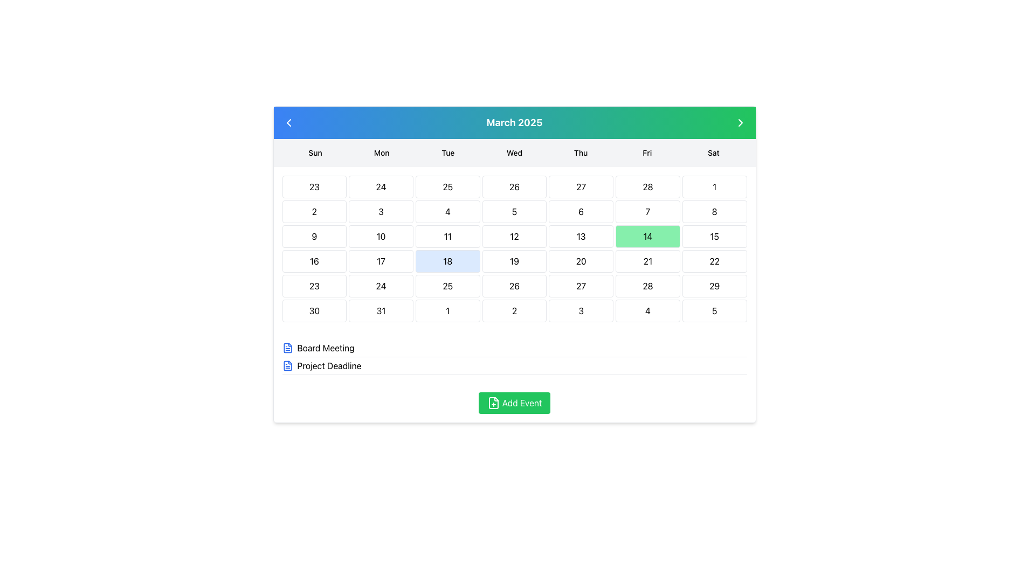 This screenshot has width=1035, height=582. Describe the element at coordinates (381, 311) in the screenshot. I see `the calendar date text label representing the 31st in the sixth row and second column of the calendar grid layout` at that location.